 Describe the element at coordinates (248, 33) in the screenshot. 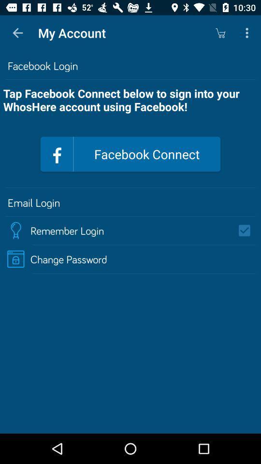

I see `the item above facebook login item` at that location.